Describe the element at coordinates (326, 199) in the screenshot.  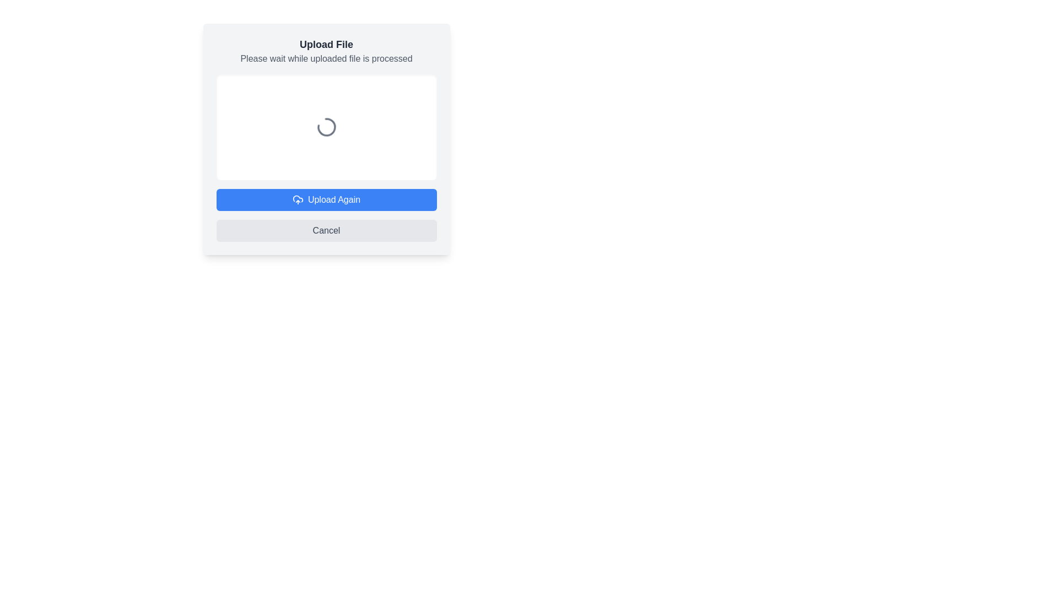
I see `the blue 'Upload Again' button with white text and cloud upload icon to observe any hover effects` at that location.